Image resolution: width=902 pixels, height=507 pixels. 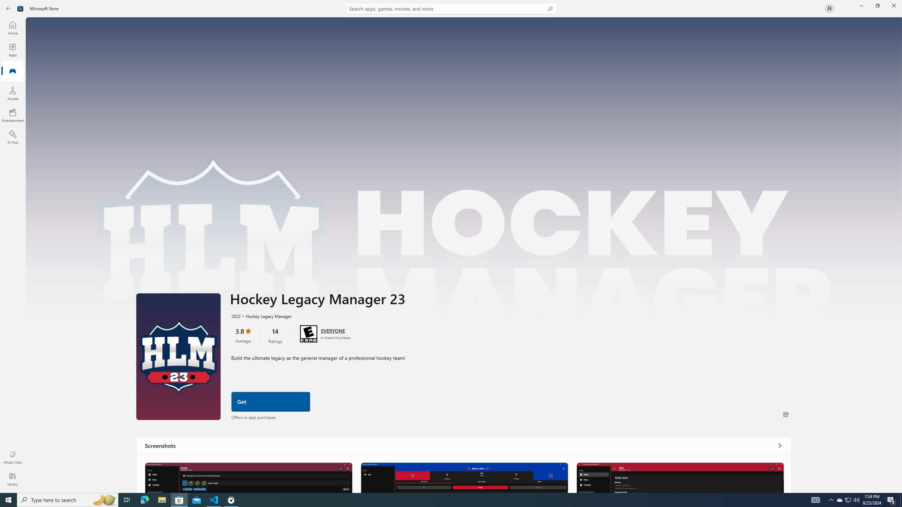 What do you see at coordinates (893, 5) in the screenshot?
I see `'Close Microsoft Store'` at bounding box center [893, 5].